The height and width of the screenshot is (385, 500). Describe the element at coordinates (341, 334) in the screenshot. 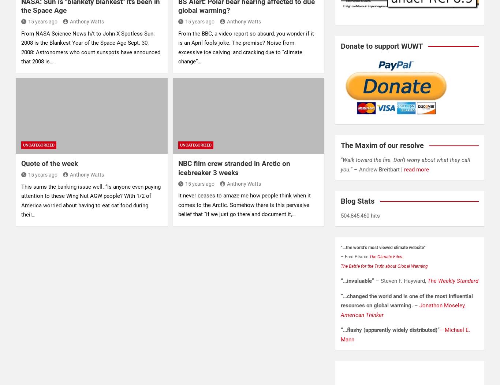

I see `'– Michael E. Mann'` at that location.